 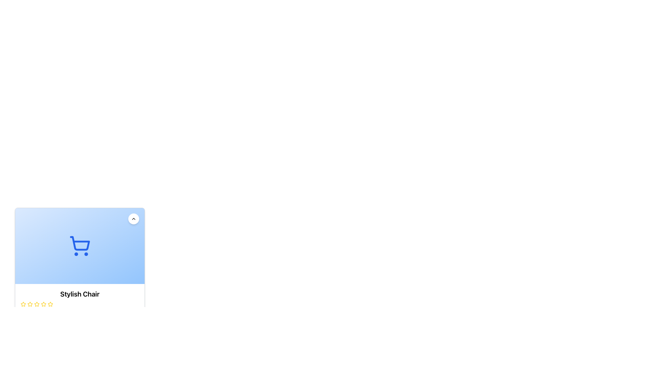 I want to click on the third star-shaped rating icon with a yellow stroke located below the title 'Stylish Chair', so click(x=43, y=304).